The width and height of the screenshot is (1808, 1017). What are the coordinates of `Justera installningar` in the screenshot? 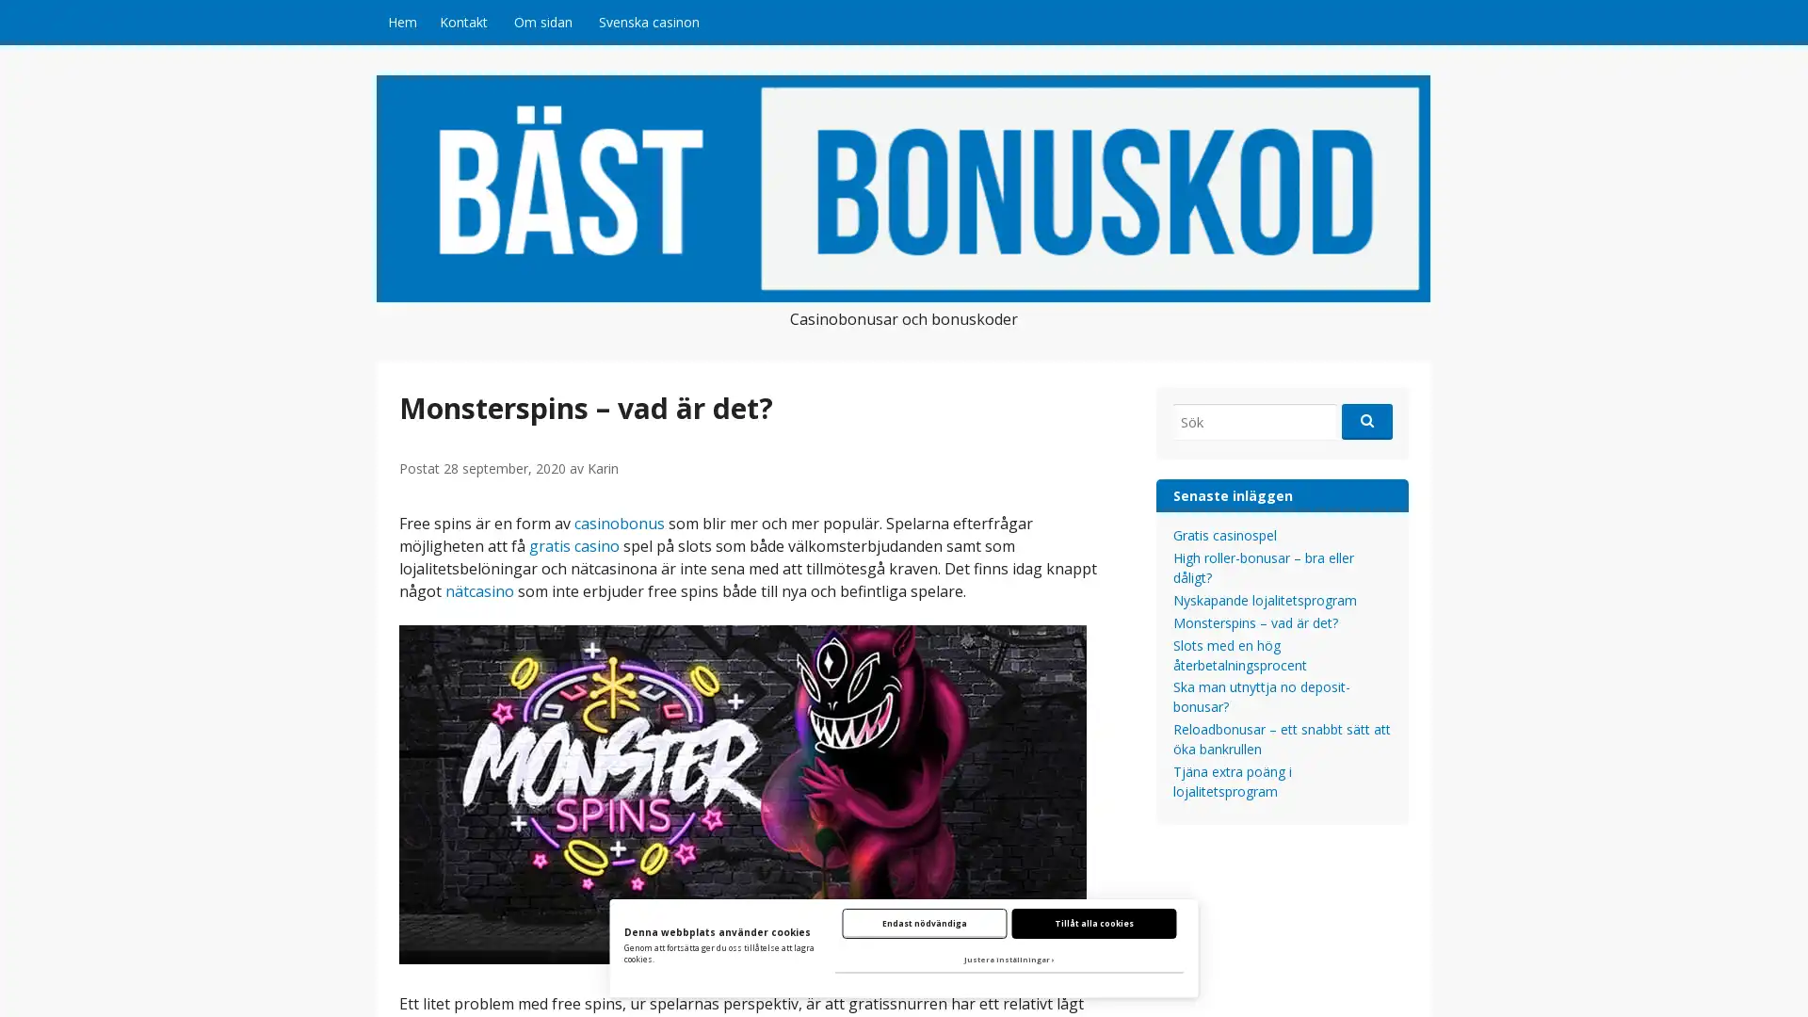 It's located at (1008, 960).